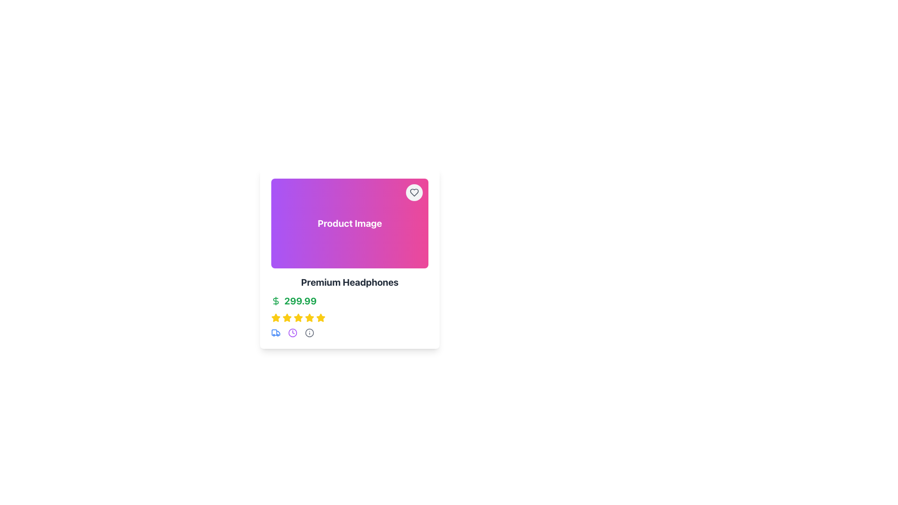  I want to click on the circular button with a gray background and heart icon located at the top-right corner of the product image card, so click(414, 192).